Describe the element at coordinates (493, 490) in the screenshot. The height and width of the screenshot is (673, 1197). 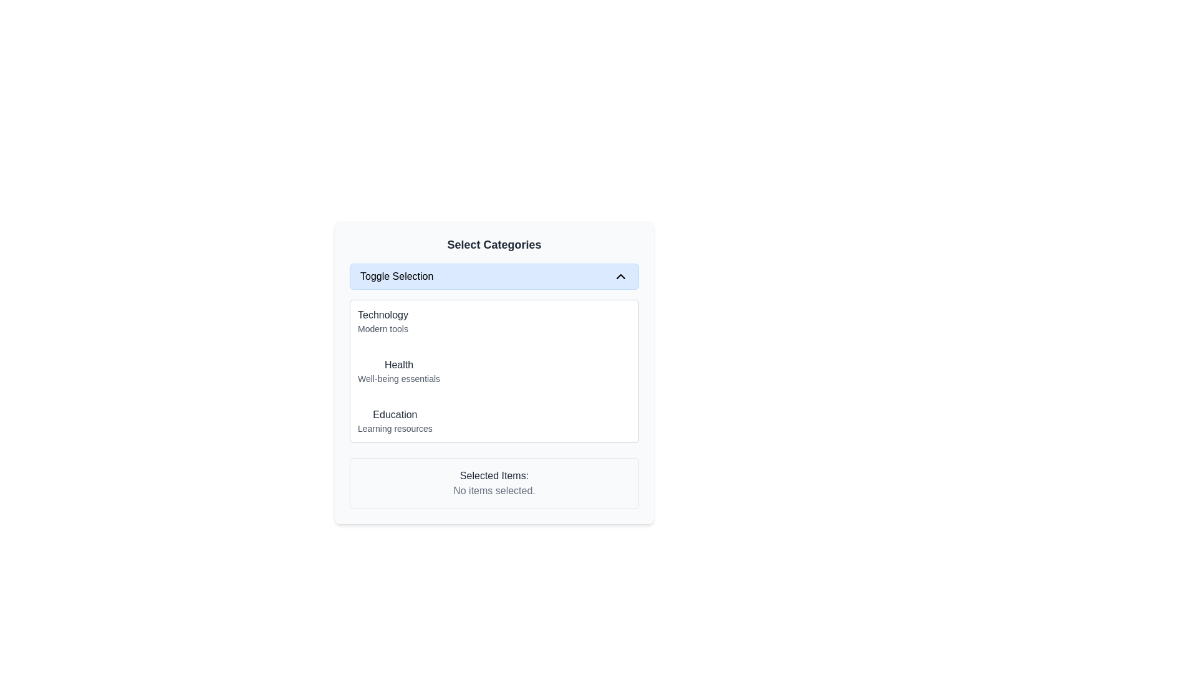
I see `the static text element displaying 'No items selected.' which is positioned directly below 'Selected Items:' in light gray color` at that location.